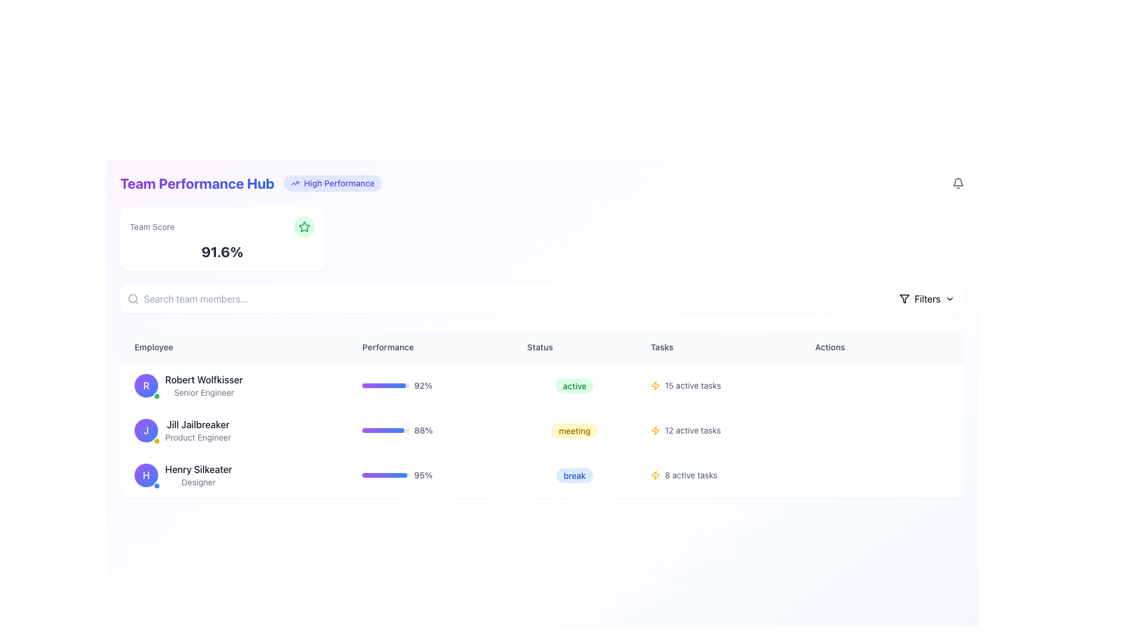  I want to click on the text element displaying 'Robert Wolfkisser', which is styled in medium bold dark gray font and is the main name of an individual, to view detailed information, so click(204, 380).